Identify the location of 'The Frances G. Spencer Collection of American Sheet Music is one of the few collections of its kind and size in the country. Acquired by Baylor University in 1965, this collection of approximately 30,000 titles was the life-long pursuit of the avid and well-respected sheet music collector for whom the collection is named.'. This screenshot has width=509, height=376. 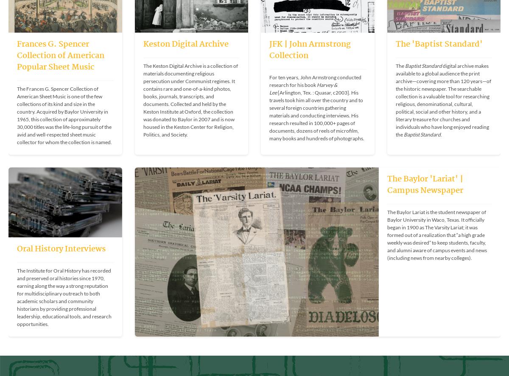
(64, 114).